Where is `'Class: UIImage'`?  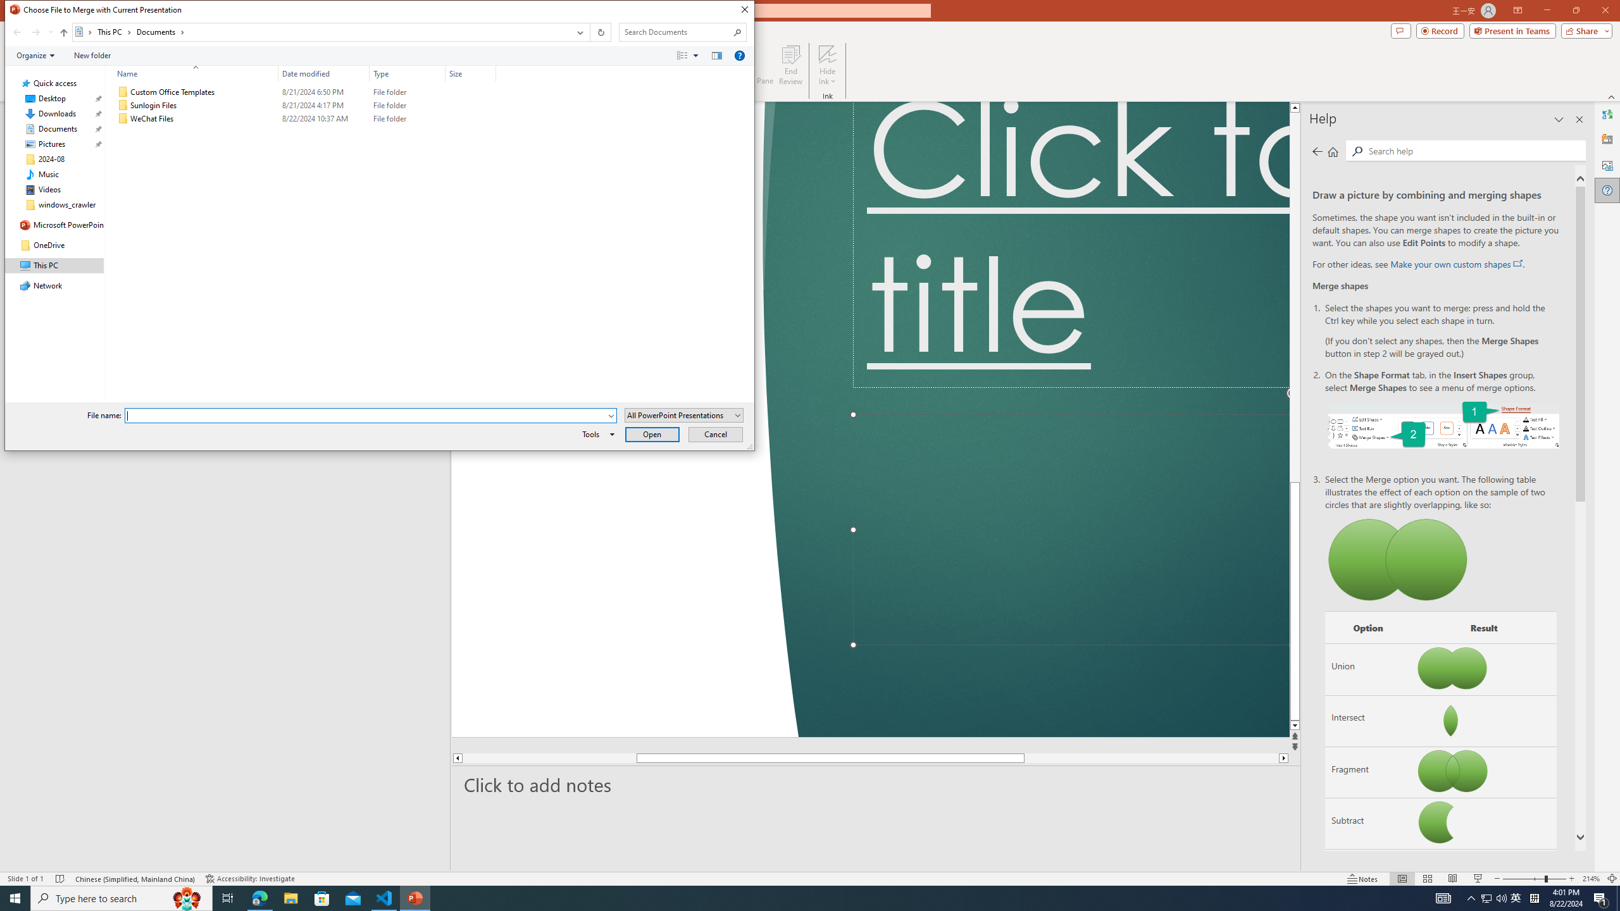 'Class: UIImage' is located at coordinates (123, 118).